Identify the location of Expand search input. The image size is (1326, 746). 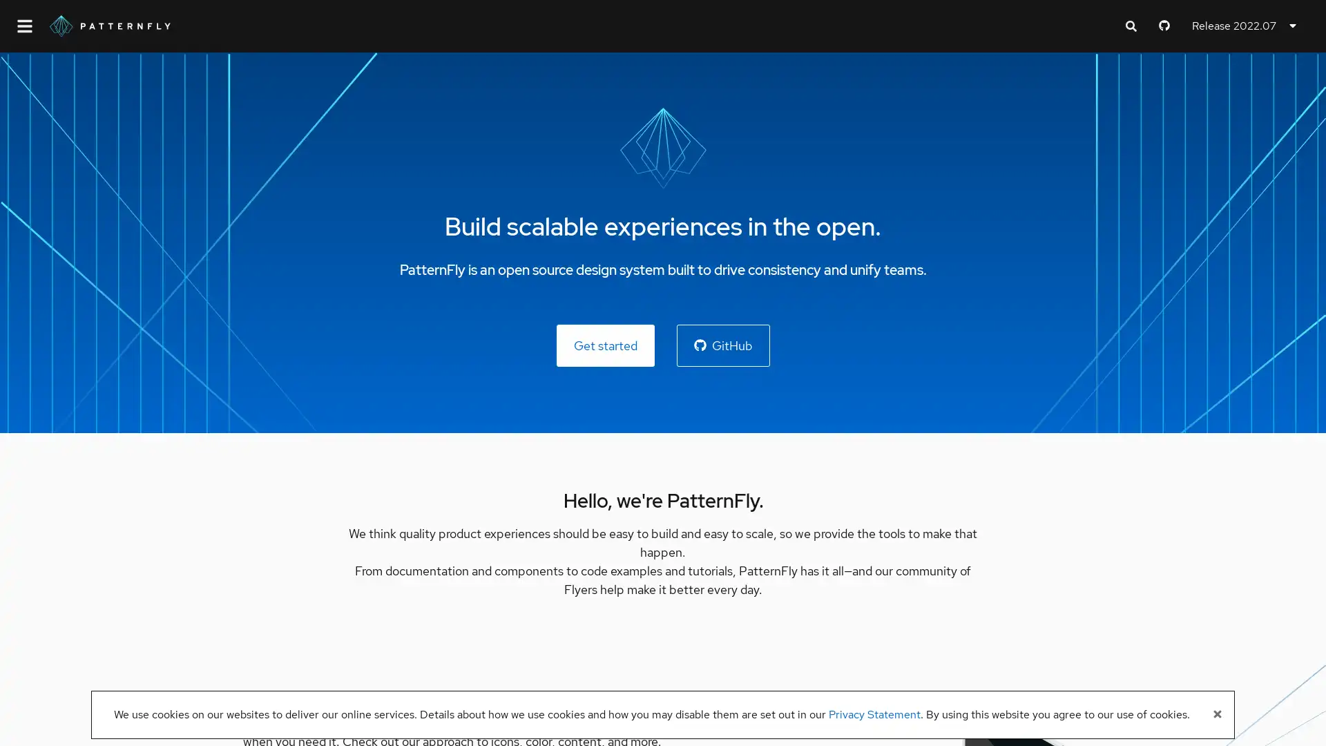
(1131, 26).